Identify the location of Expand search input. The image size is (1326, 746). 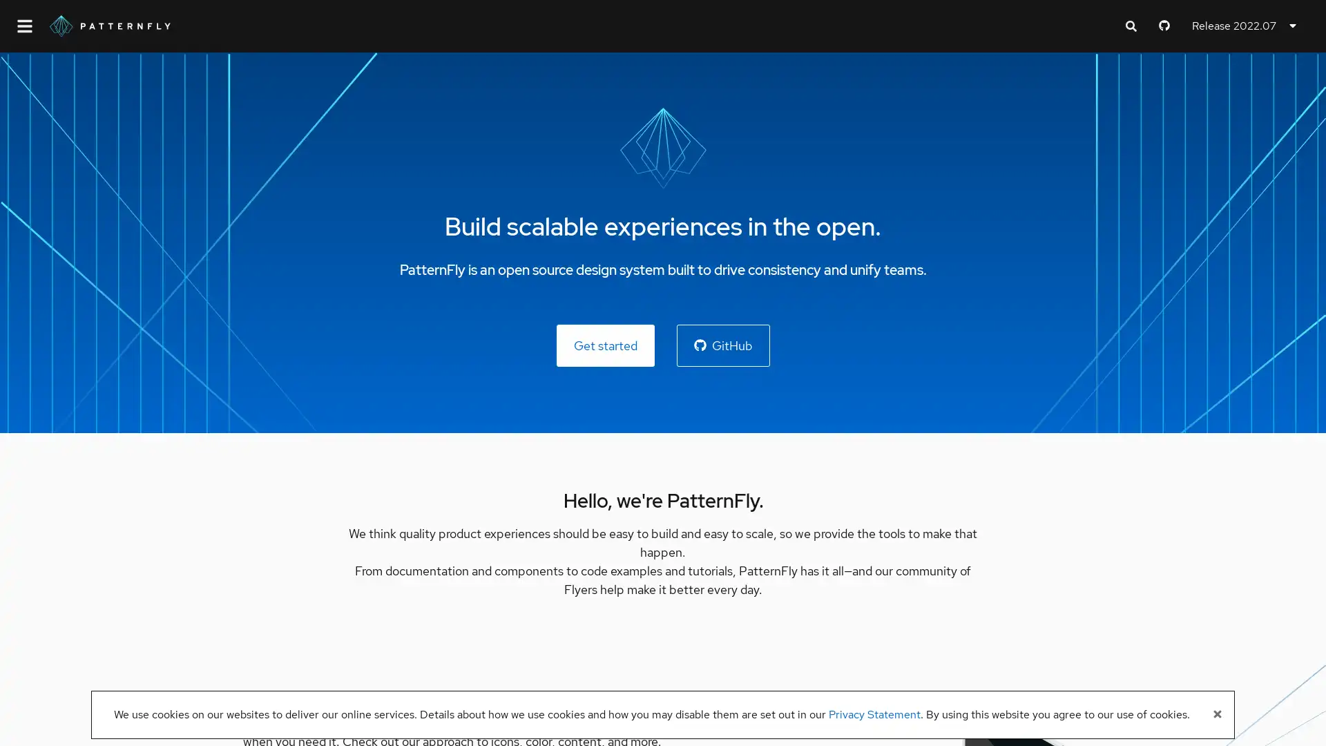
(1131, 26).